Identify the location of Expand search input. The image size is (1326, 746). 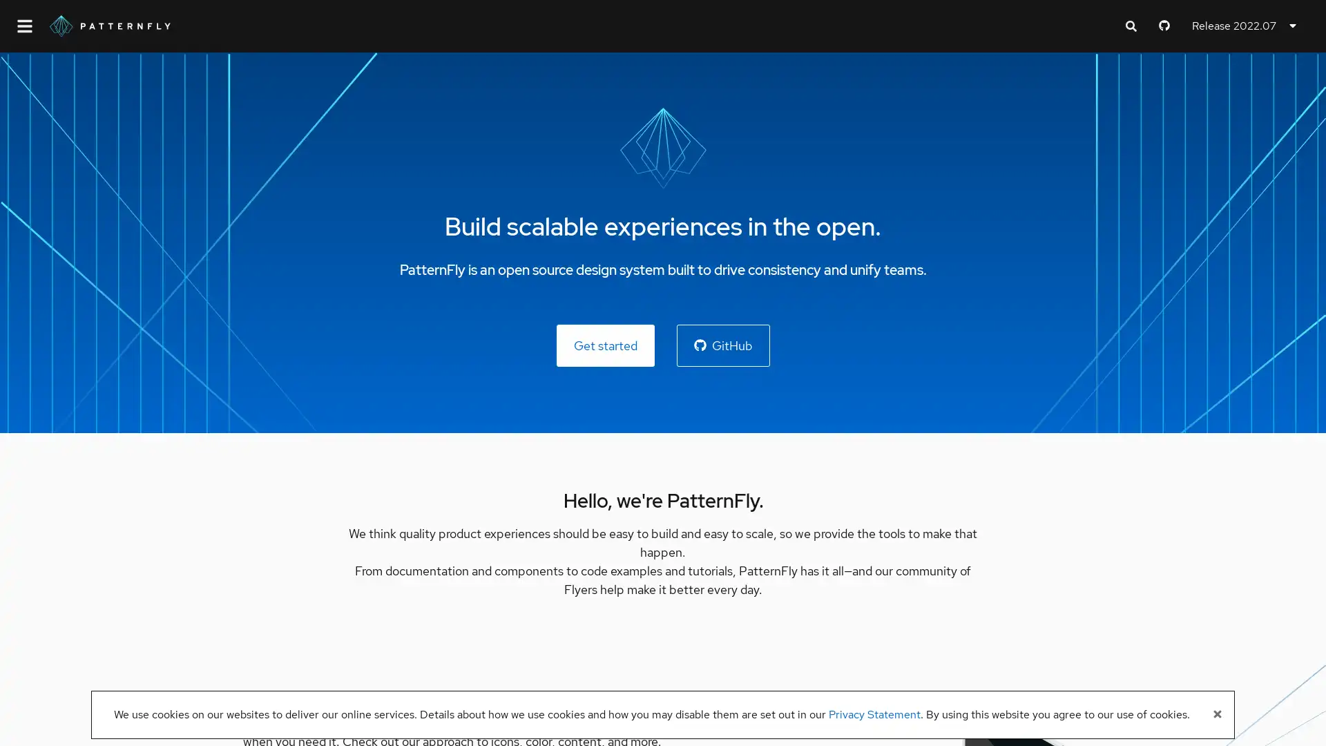
(1131, 26).